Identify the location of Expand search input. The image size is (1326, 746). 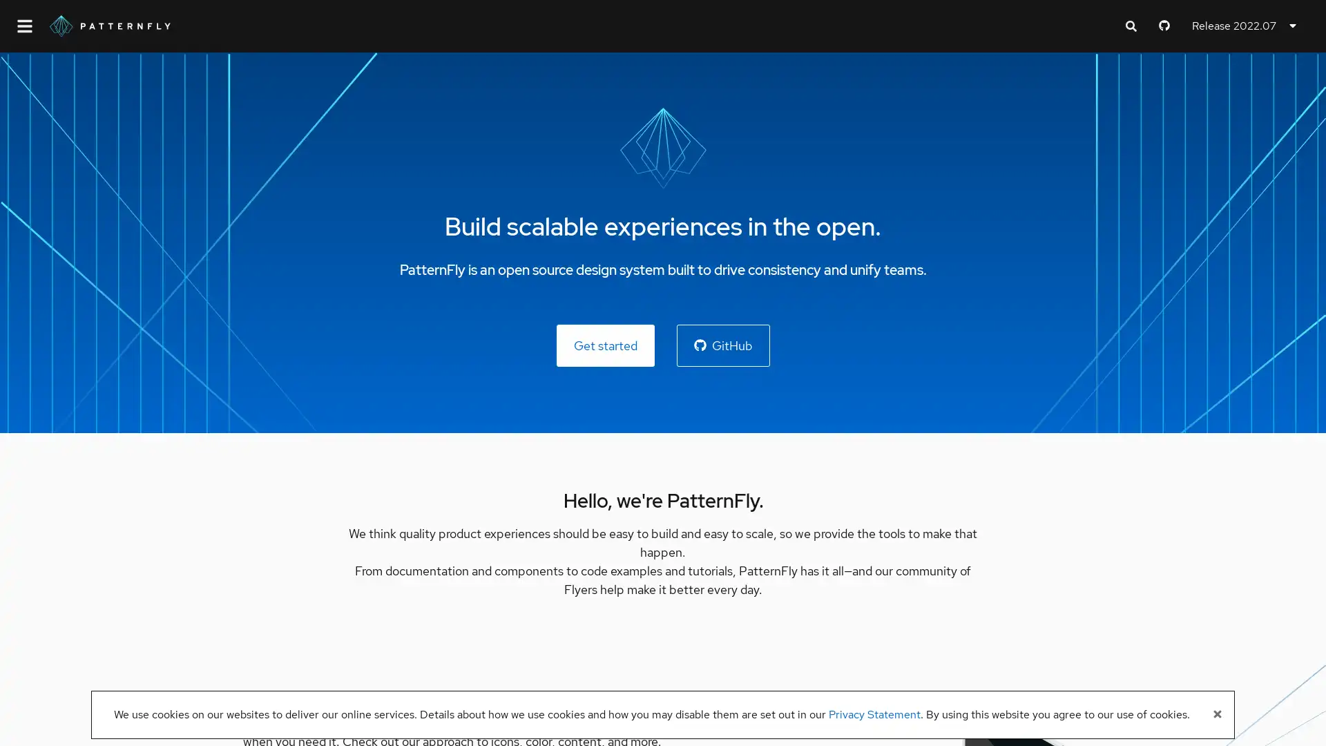
(1131, 26).